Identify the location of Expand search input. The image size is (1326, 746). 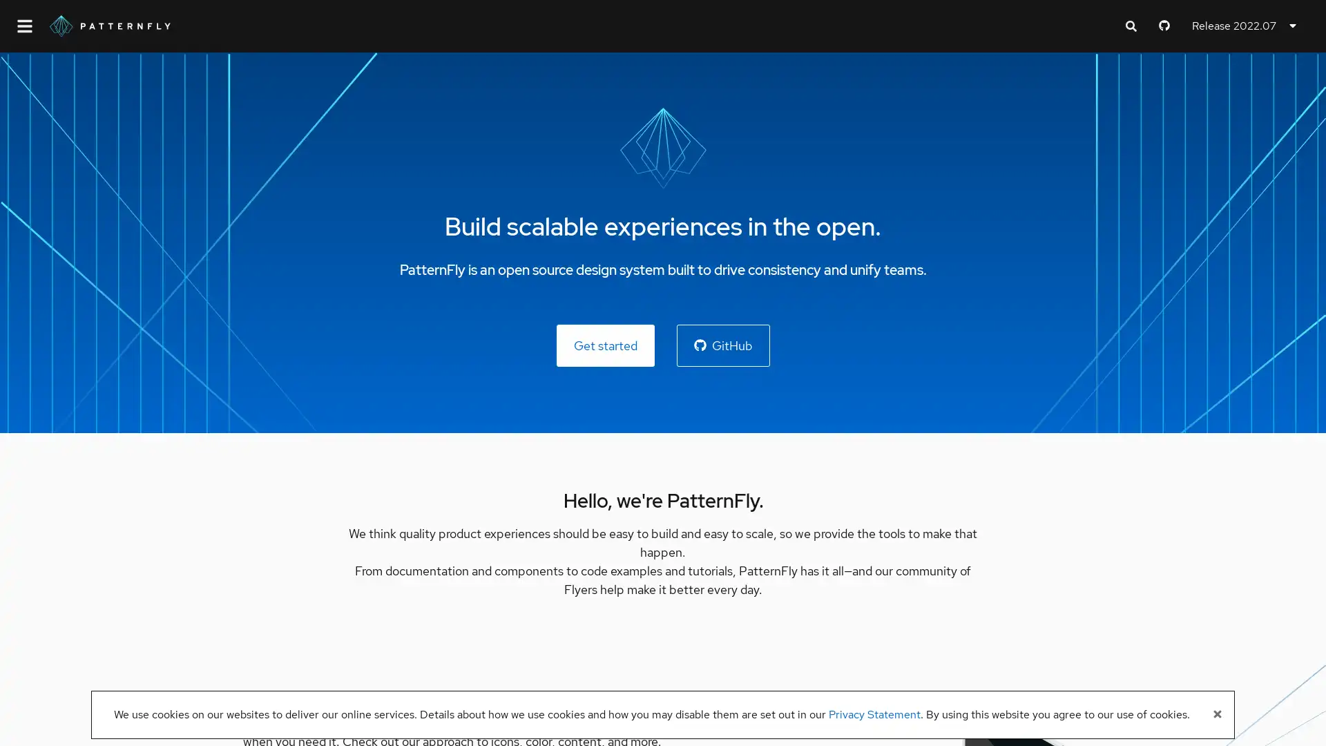
(1131, 26).